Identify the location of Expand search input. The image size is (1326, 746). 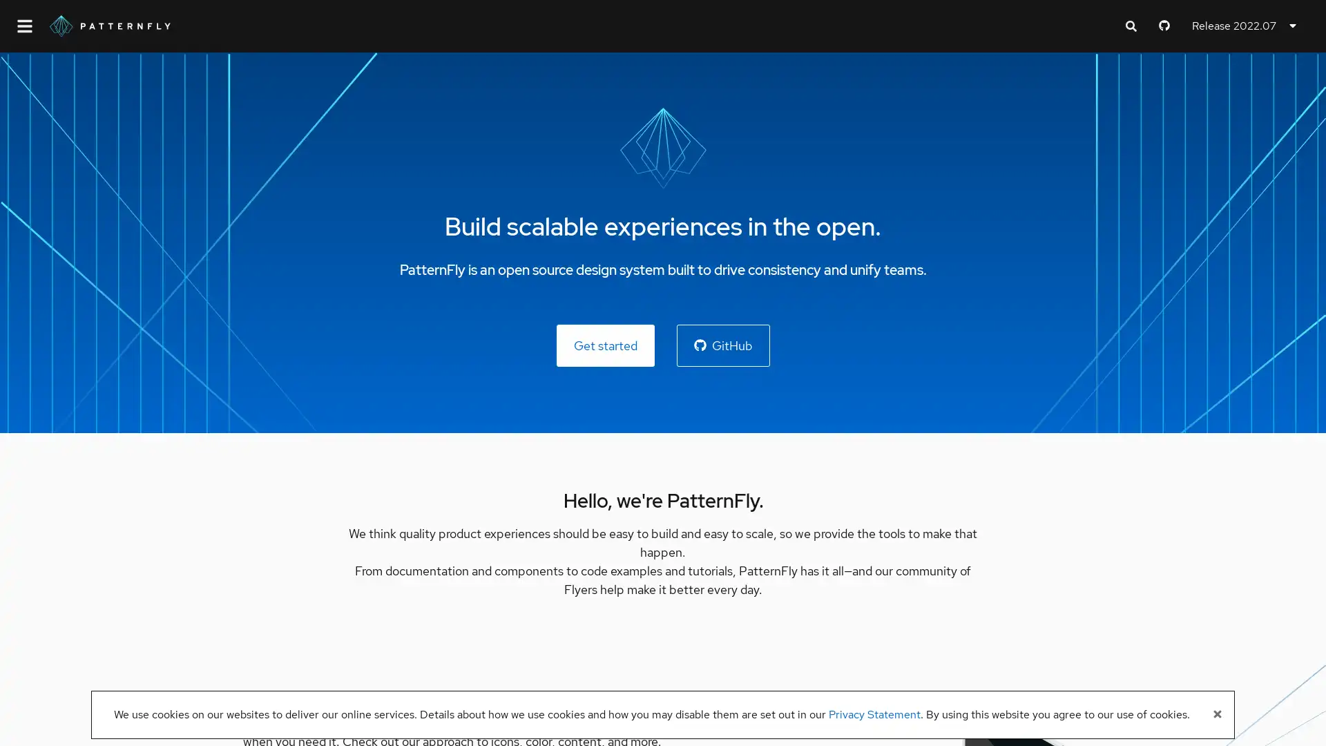
(1131, 26).